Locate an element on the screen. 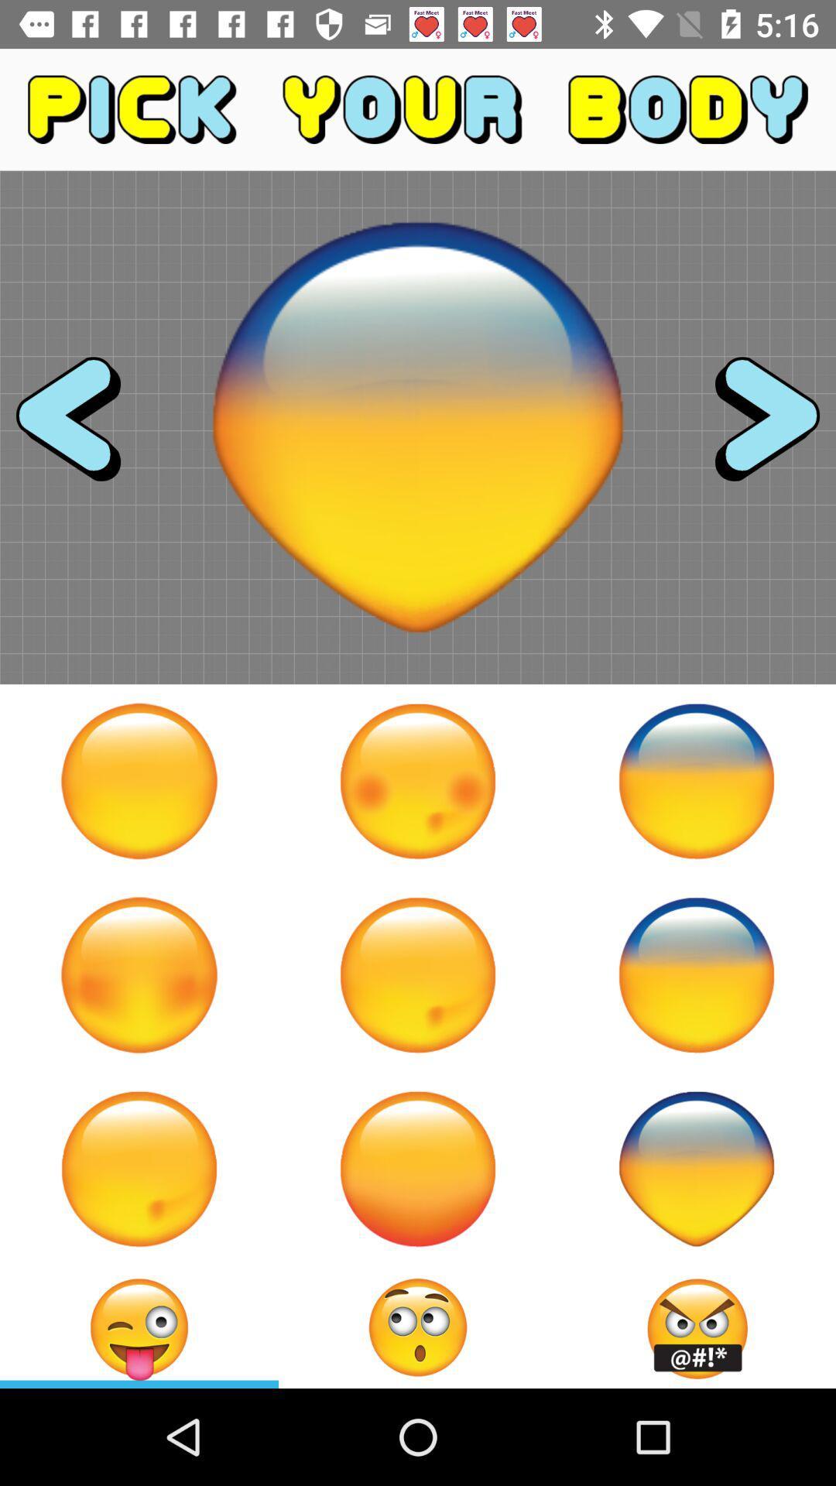 Image resolution: width=836 pixels, height=1486 pixels. the icon at the top right corner is located at coordinates (752, 427).